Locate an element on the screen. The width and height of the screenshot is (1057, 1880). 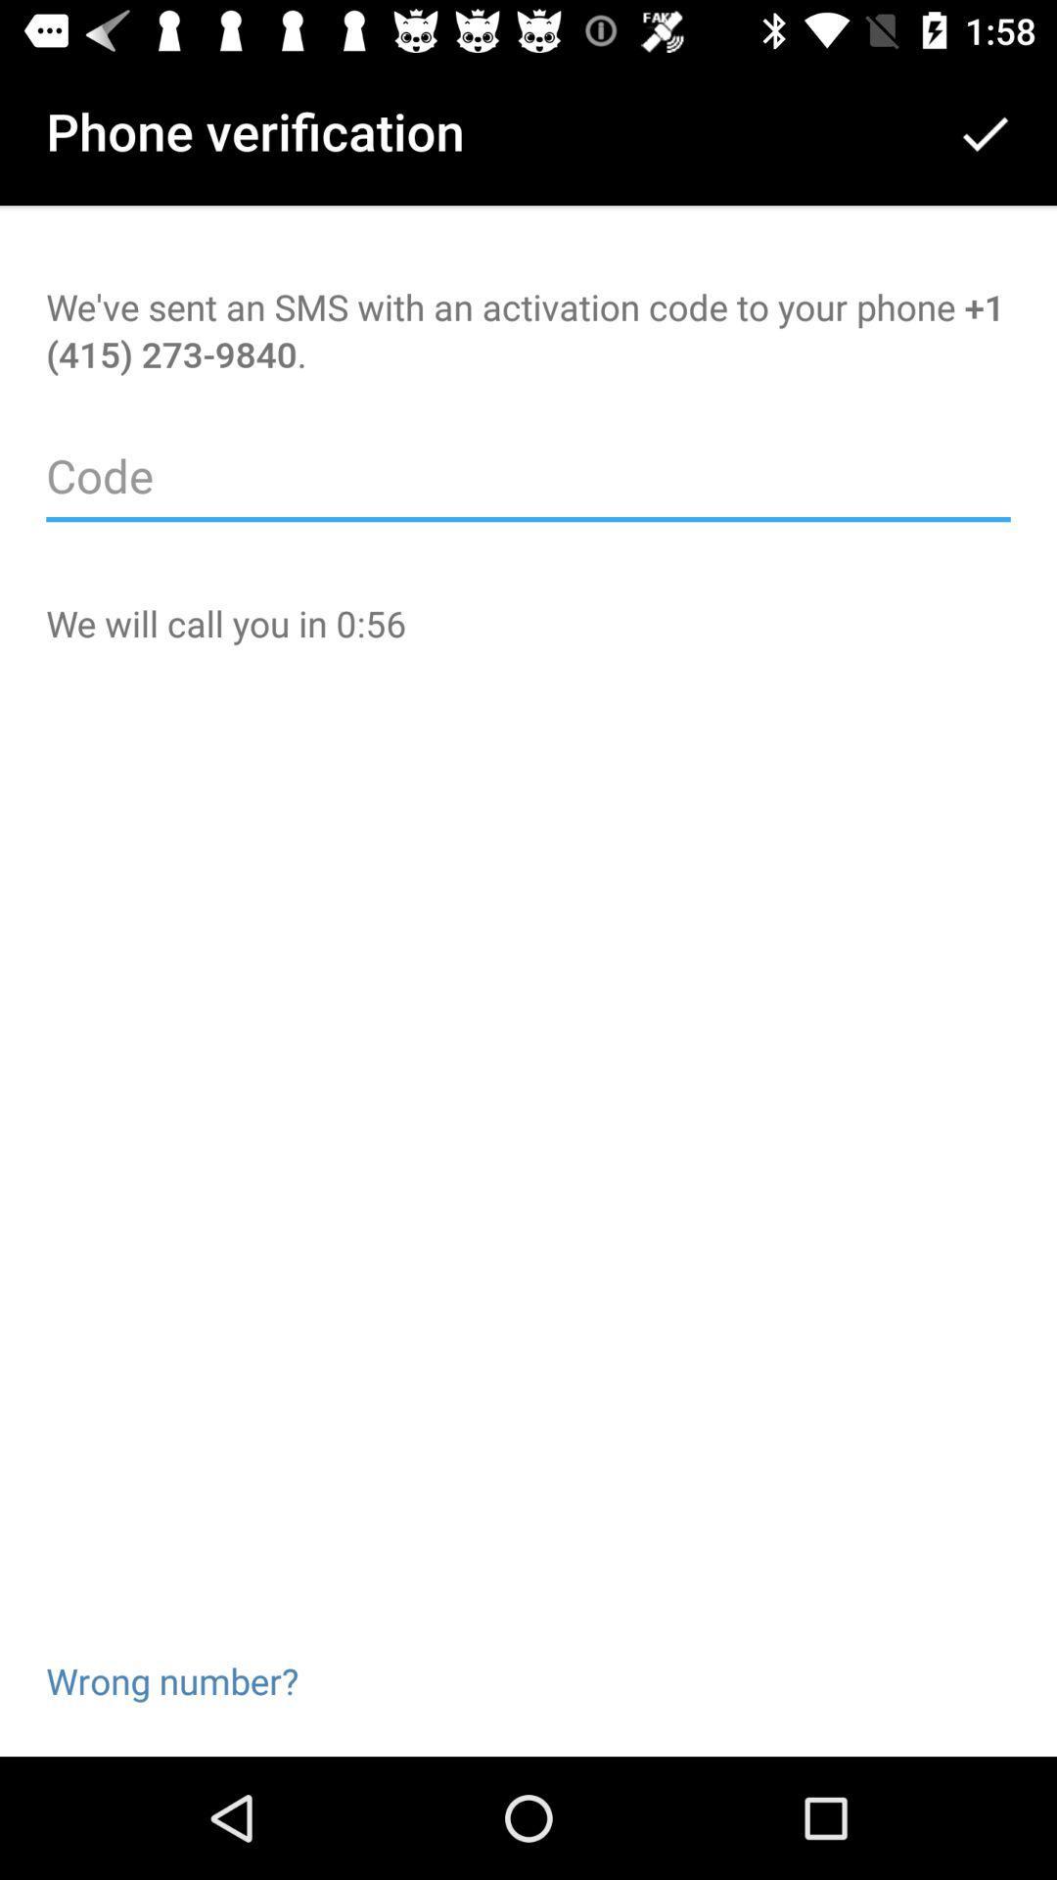
the item at the bottom left corner is located at coordinates (171, 1649).